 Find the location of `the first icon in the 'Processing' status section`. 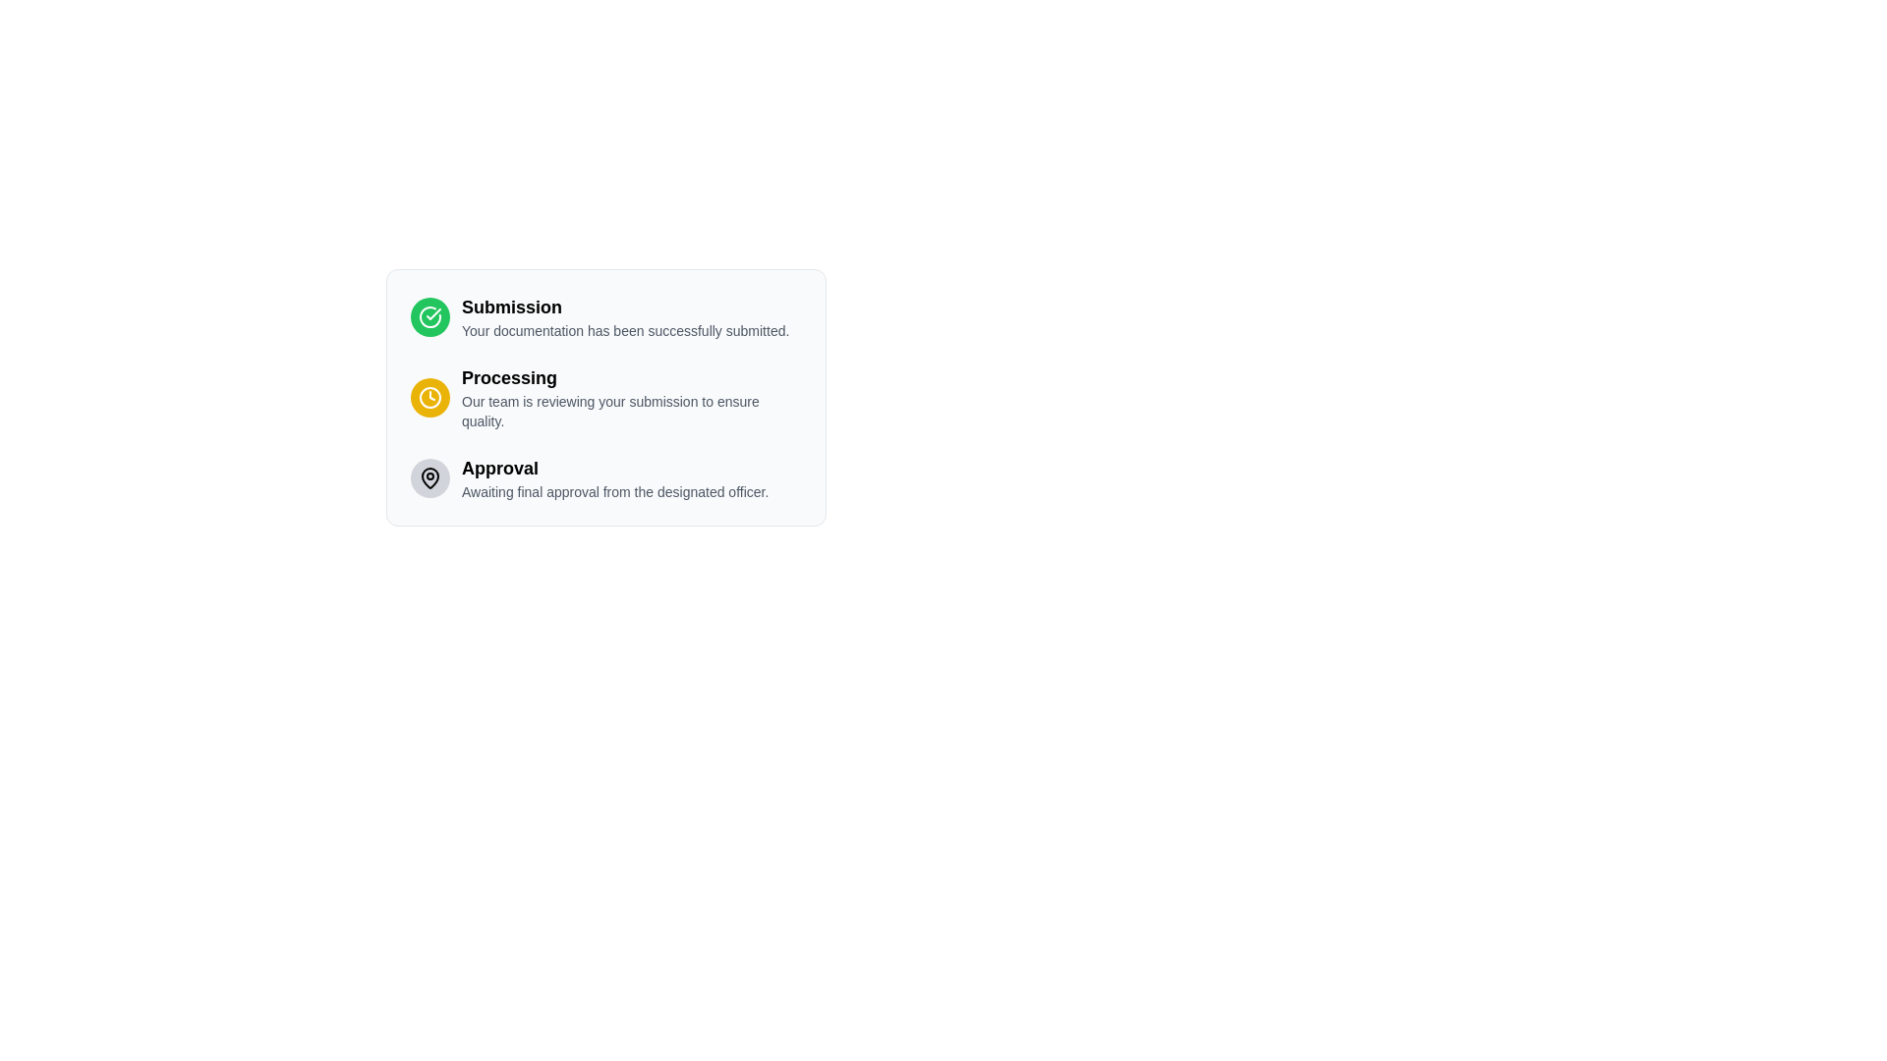

the first icon in the 'Processing' status section is located at coordinates (429, 398).